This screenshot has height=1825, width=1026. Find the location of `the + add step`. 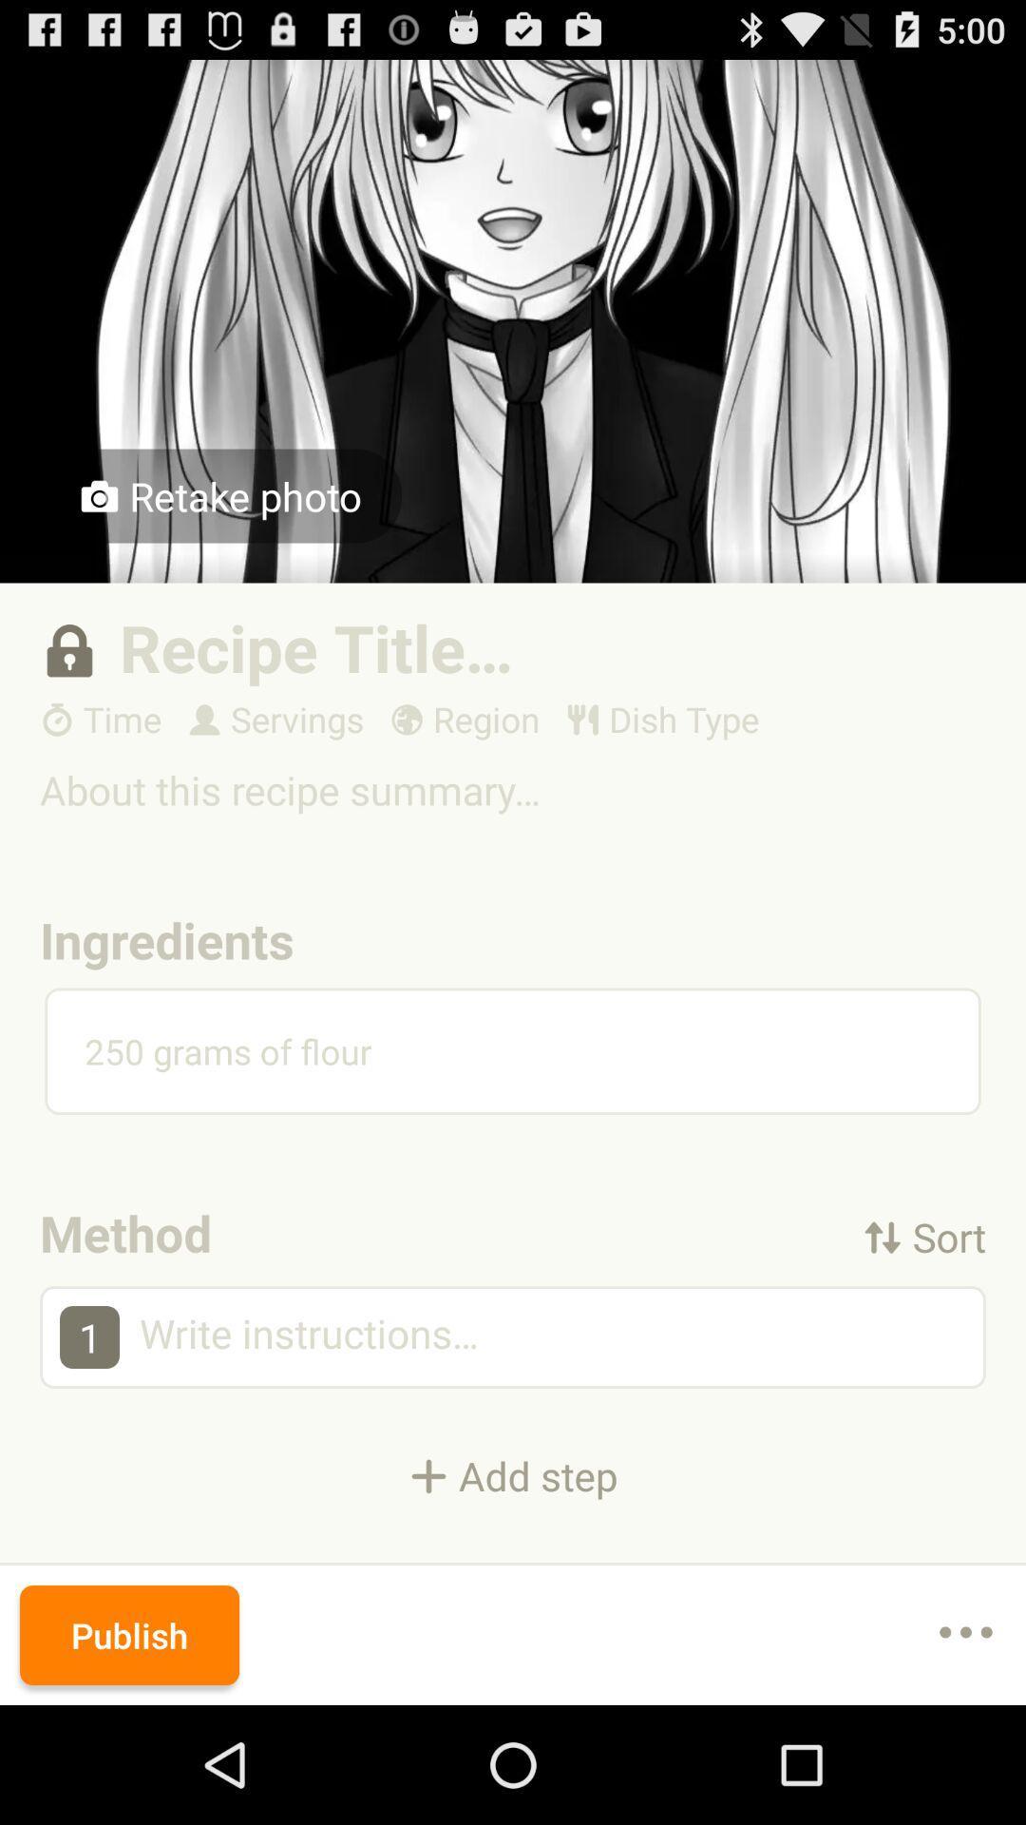

the + add step is located at coordinates (513, 1474).